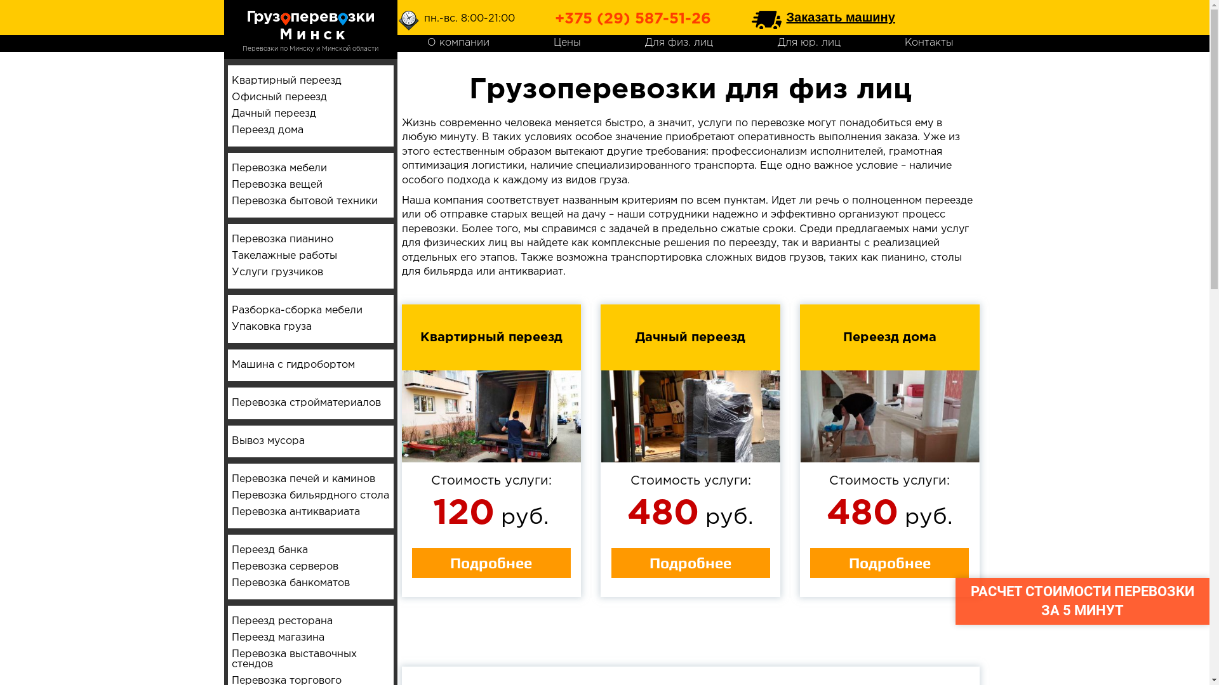 This screenshot has height=685, width=1219. I want to click on '+375 (29) 587-51-26', so click(633, 19).